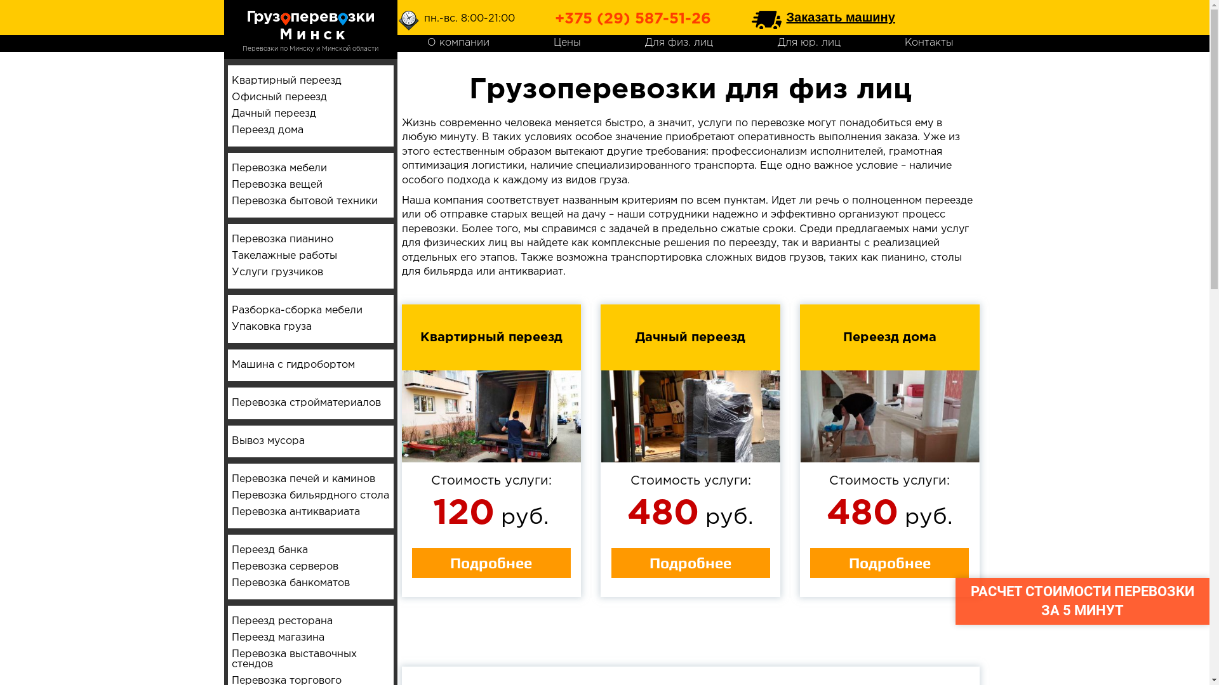 This screenshot has height=685, width=1219. I want to click on '+375 (29) 587-51-26', so click(633, 19).